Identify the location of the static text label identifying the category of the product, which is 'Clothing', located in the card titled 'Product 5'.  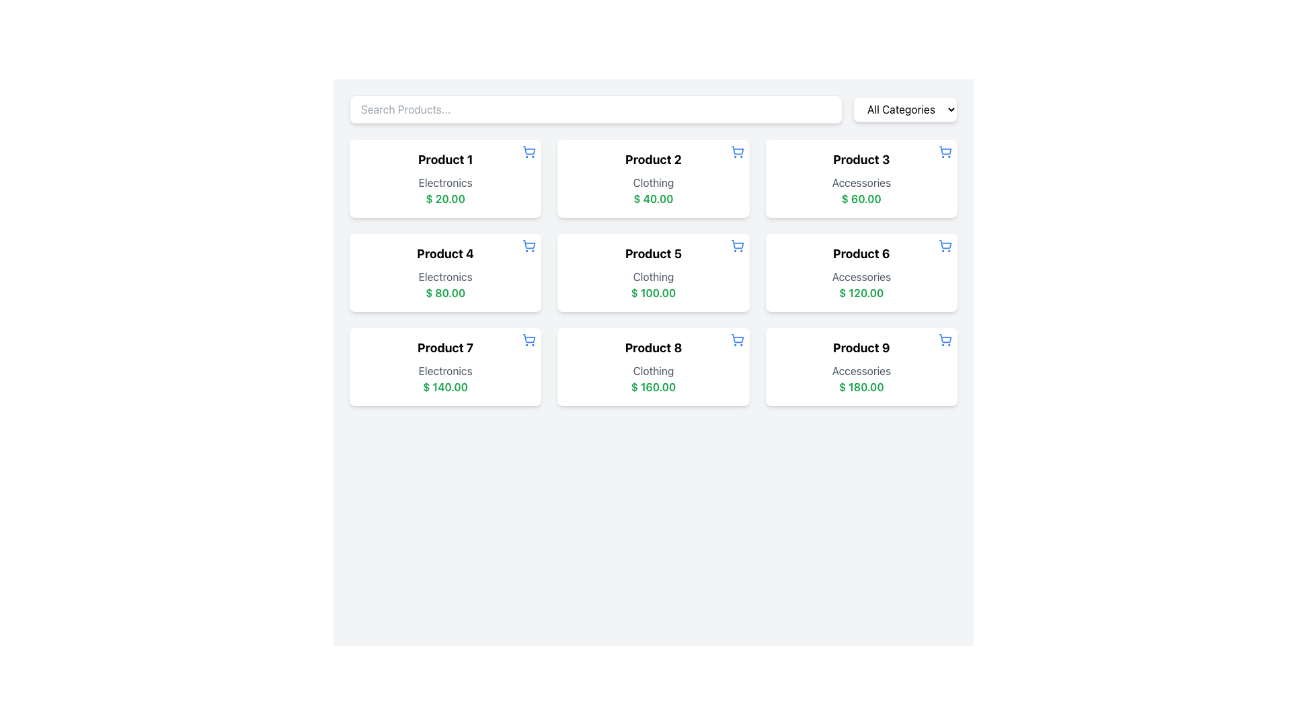
(653, 276).